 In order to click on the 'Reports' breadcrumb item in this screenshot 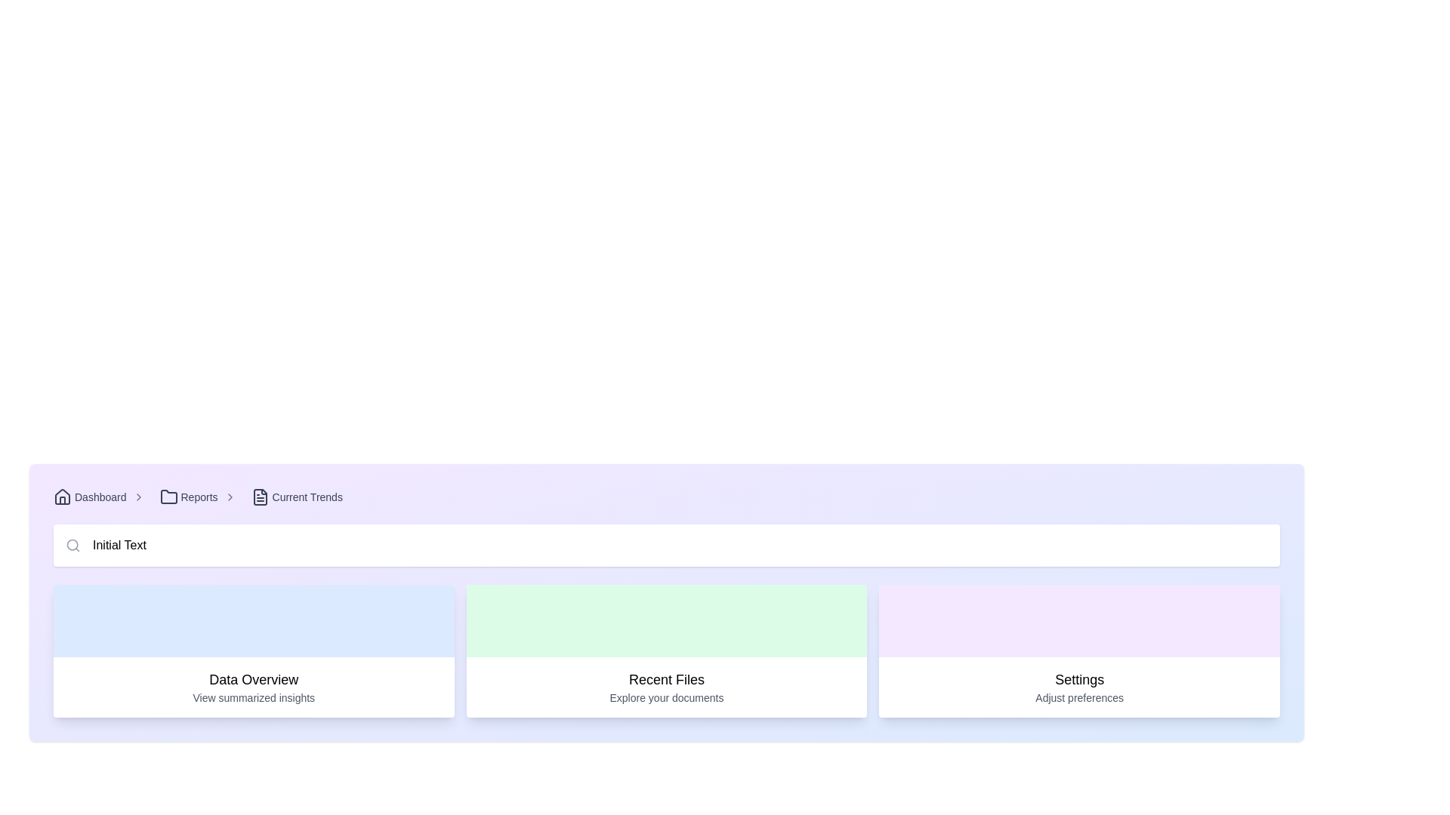, I will do `click(199, 497)`.